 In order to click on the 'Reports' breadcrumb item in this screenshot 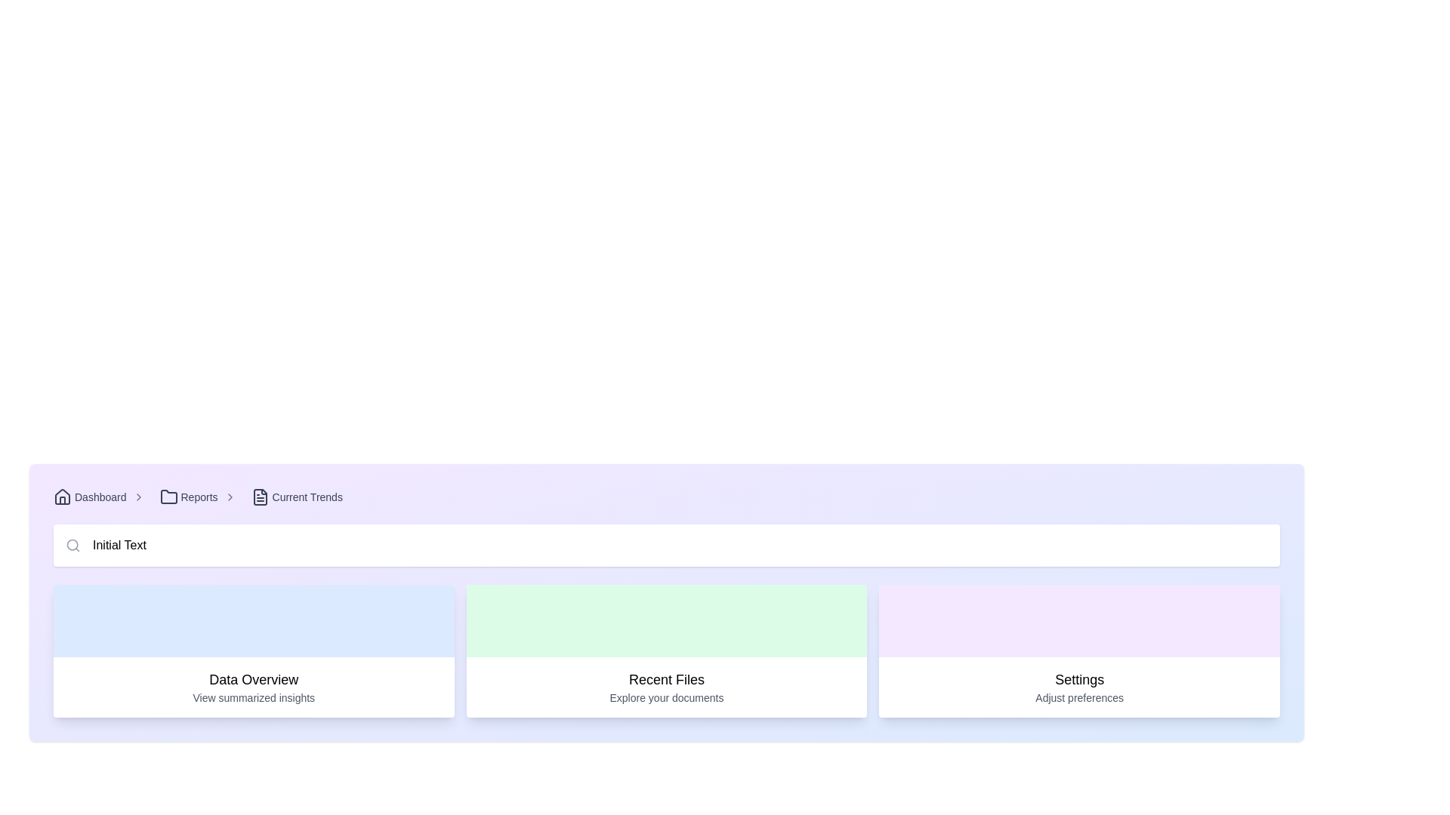, I will do `click(199, 497)`.